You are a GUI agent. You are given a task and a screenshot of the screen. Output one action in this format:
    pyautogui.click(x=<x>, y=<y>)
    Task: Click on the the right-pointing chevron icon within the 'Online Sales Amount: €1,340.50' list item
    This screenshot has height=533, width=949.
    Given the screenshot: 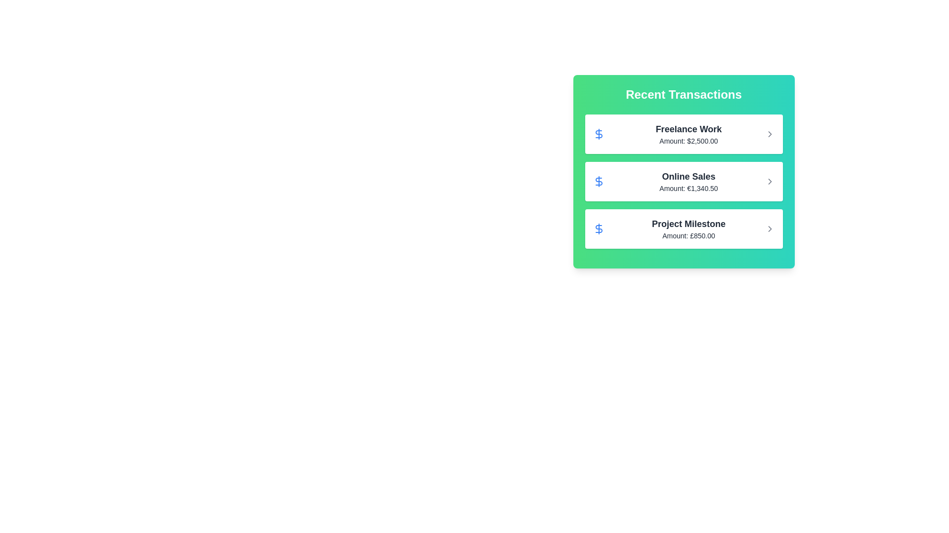 What is the action you would take?
    pyautogui.click(x=769, y=181)
    